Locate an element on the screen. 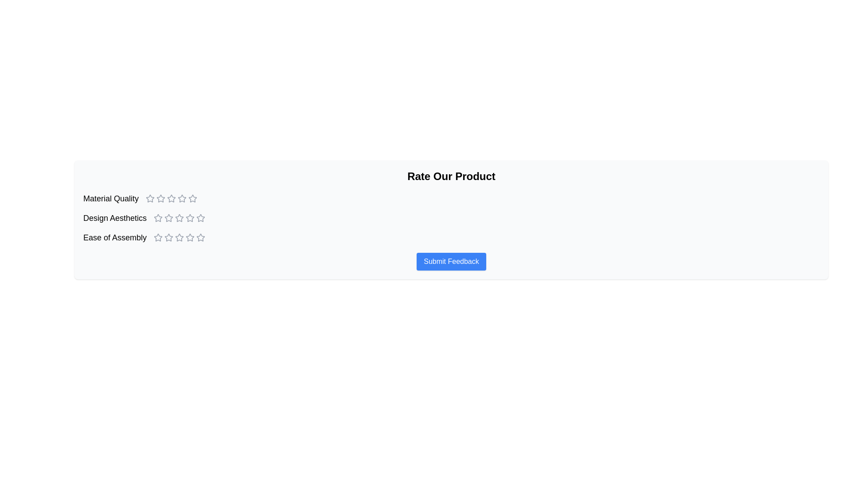 The image size is (851, 479). the third star icon is located at coordinates (179, 237).